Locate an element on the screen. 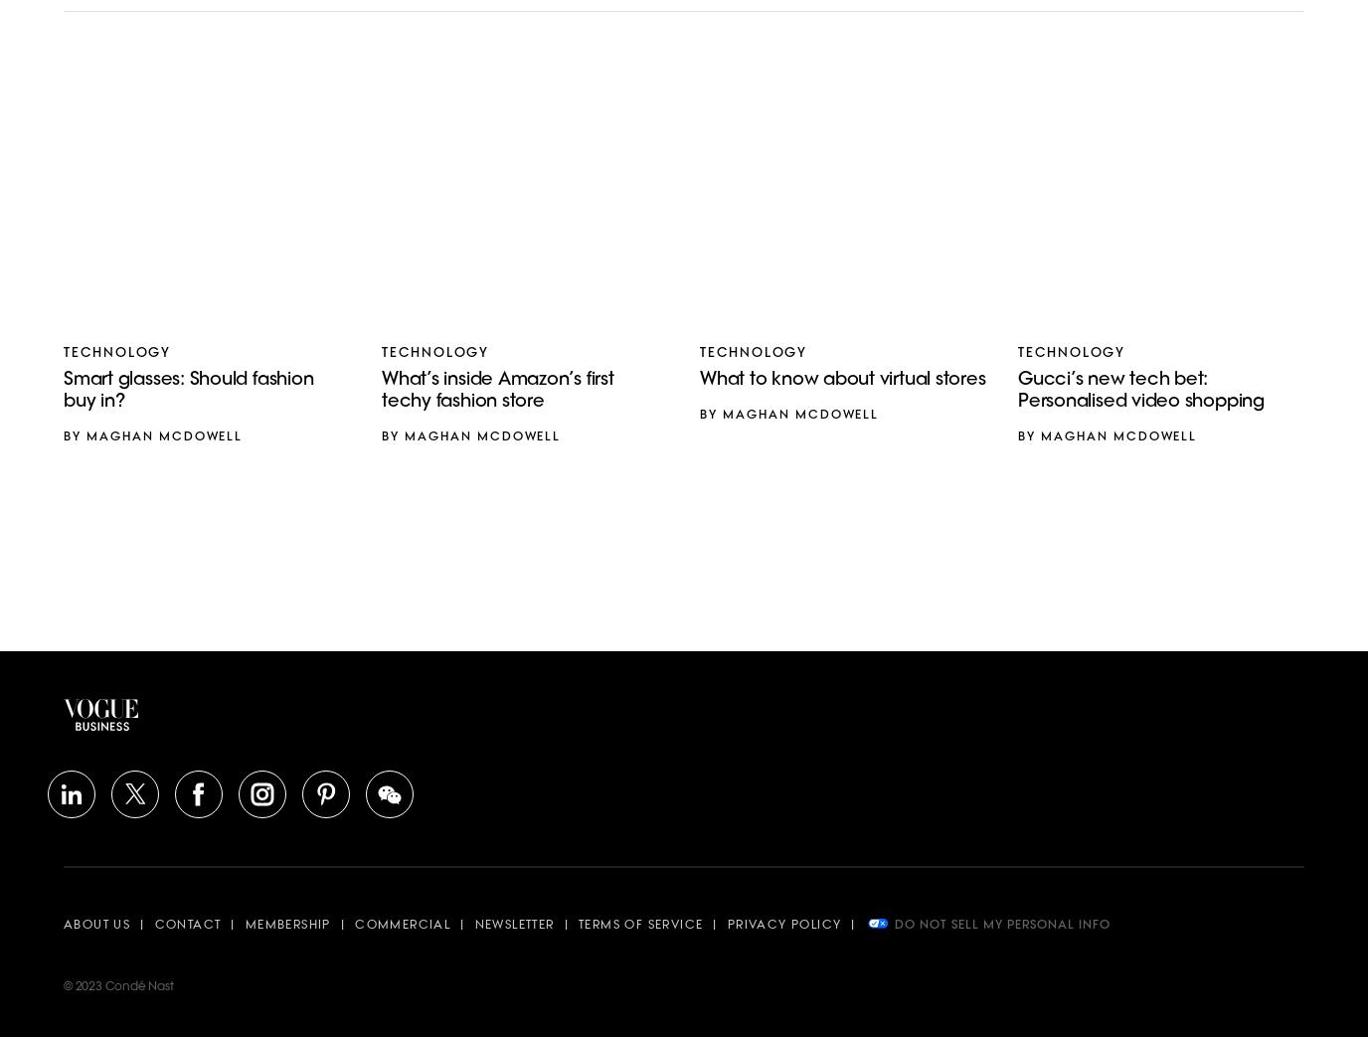  '© 2023 Condé Nast' is located at coordinates (117, 985).